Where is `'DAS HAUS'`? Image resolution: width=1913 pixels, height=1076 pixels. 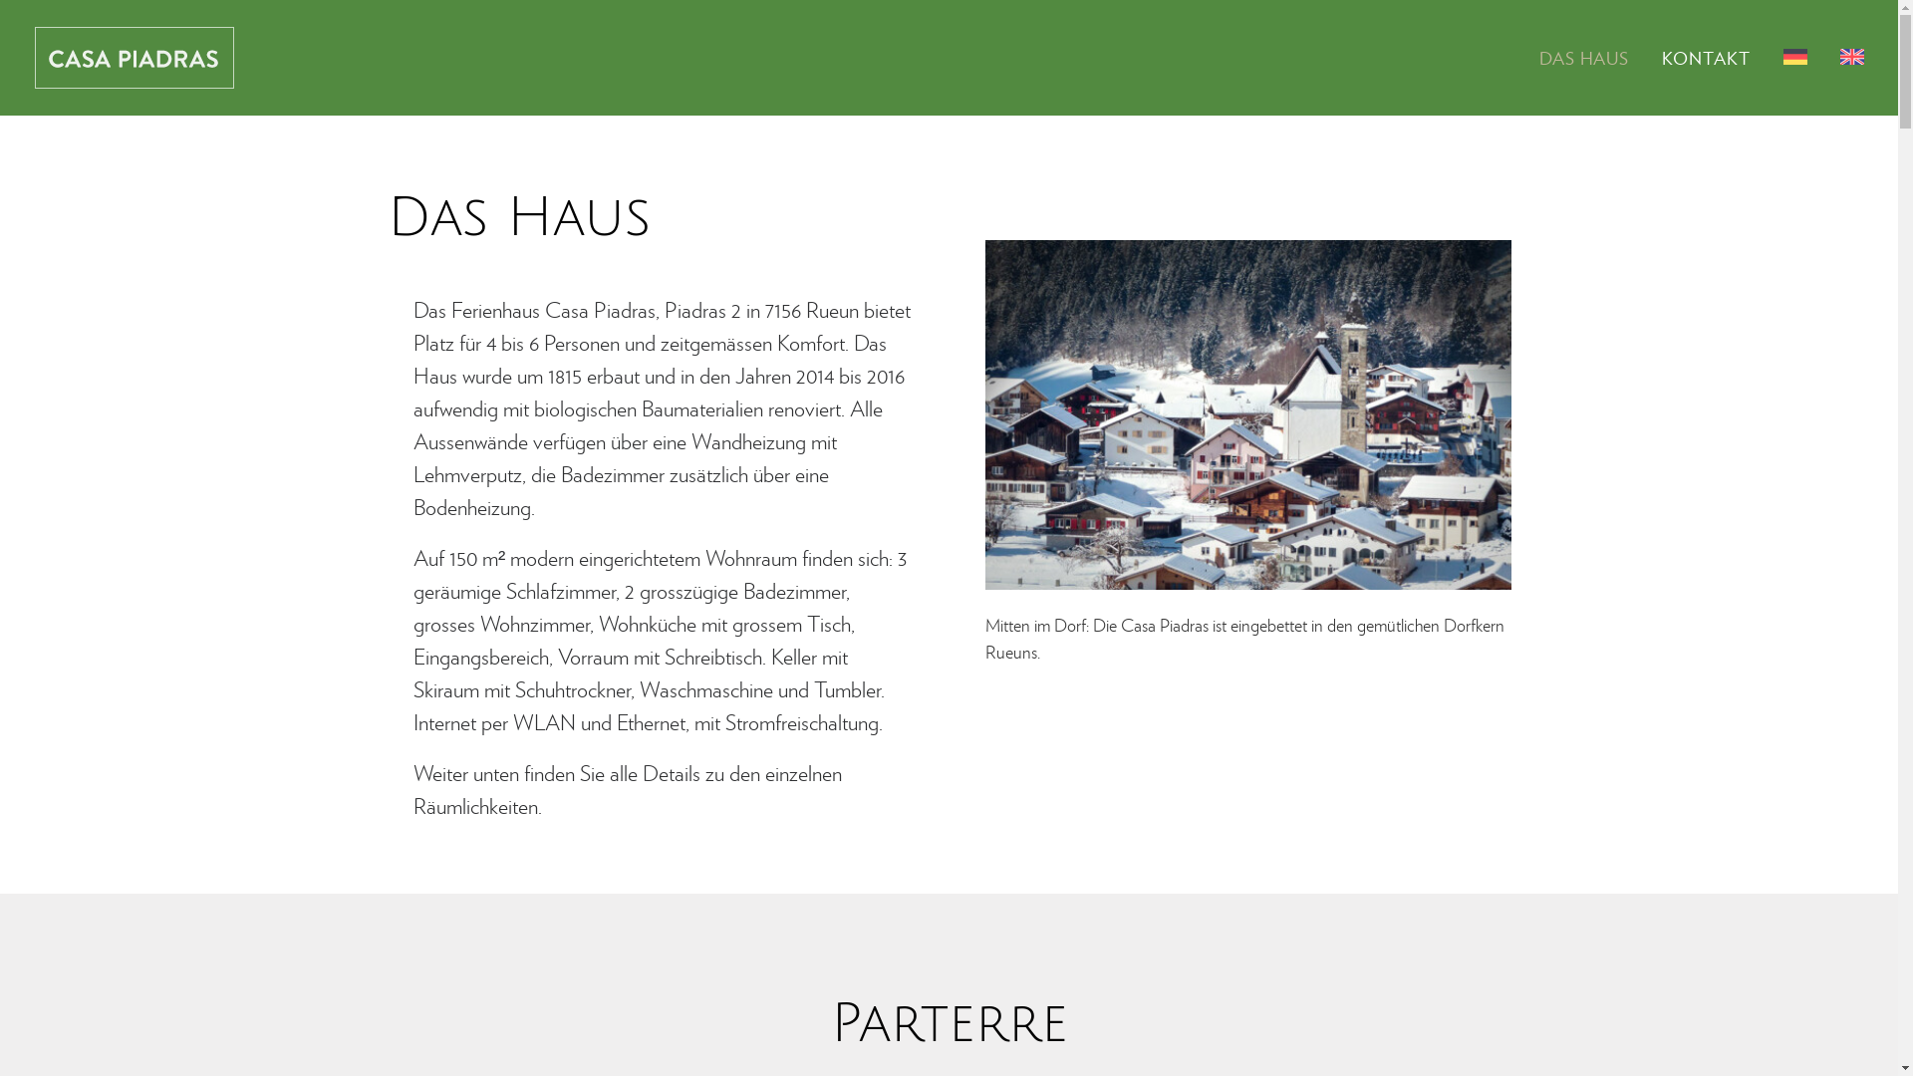
'DAS HAUS' is located at coordinates (1590, 56).